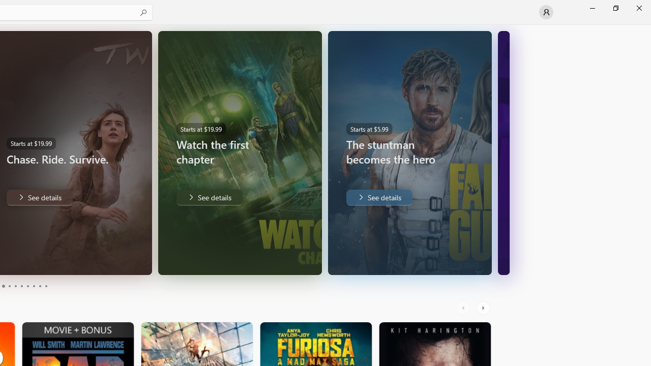 The image size is (651, 366). I want to click on 'Page 4', so click(9, 286).